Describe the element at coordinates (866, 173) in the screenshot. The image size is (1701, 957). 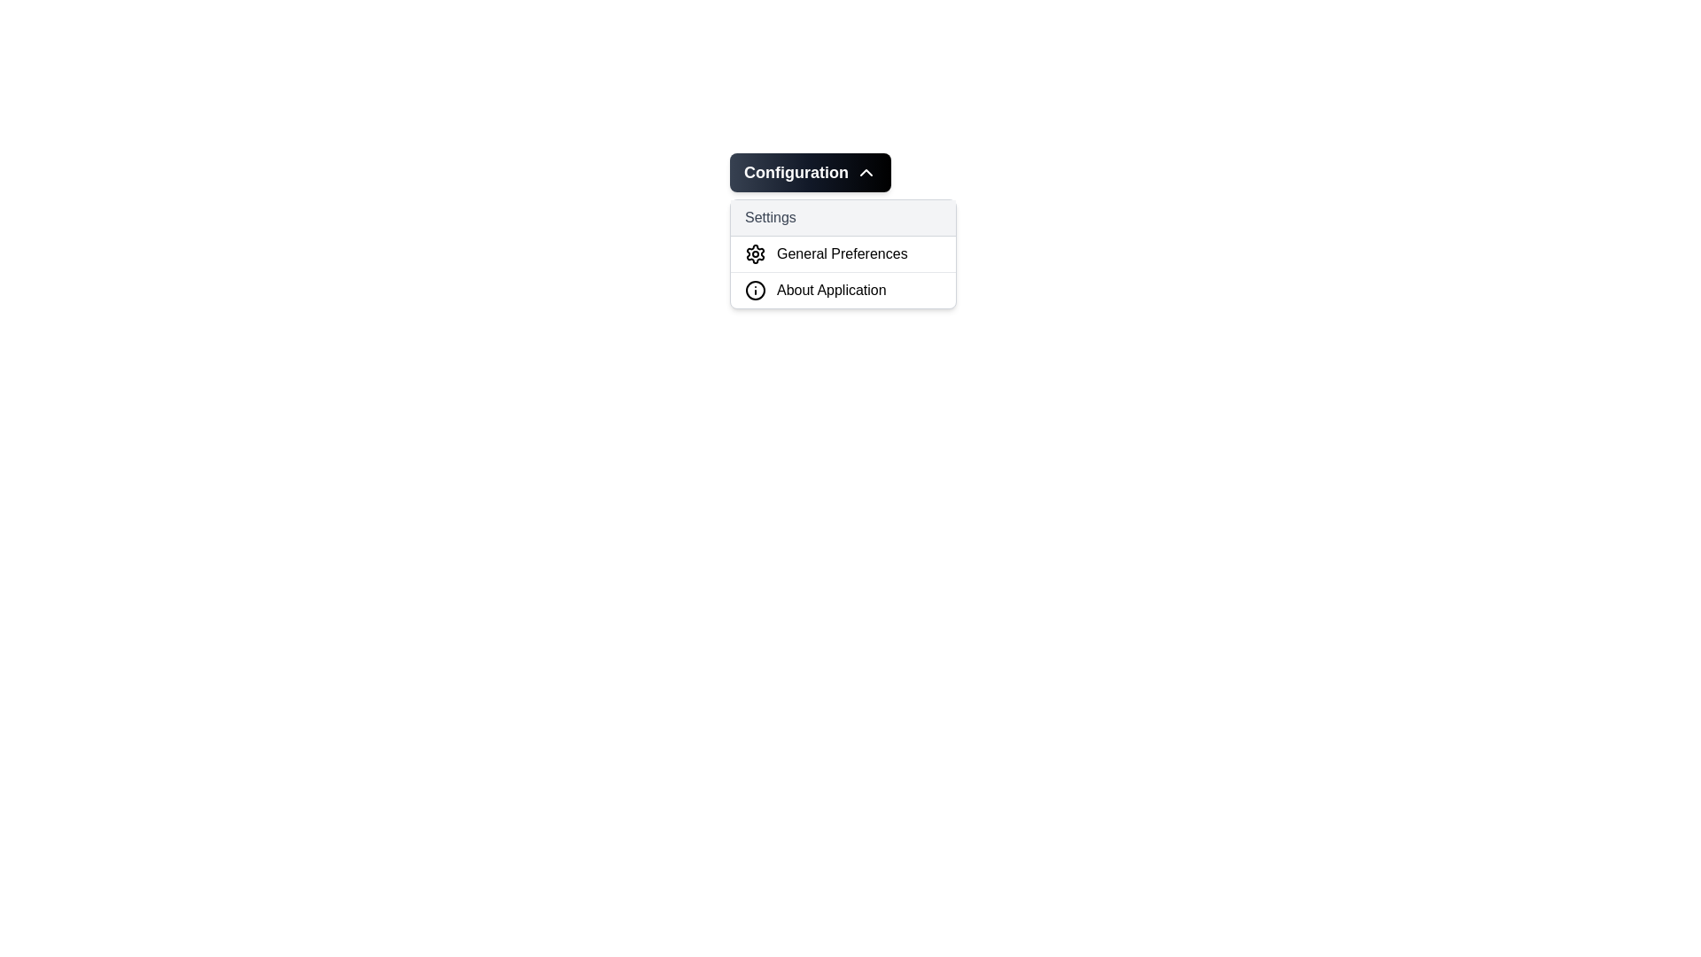
I see `the chevron icon next to the 'Configuration' label` at that location.